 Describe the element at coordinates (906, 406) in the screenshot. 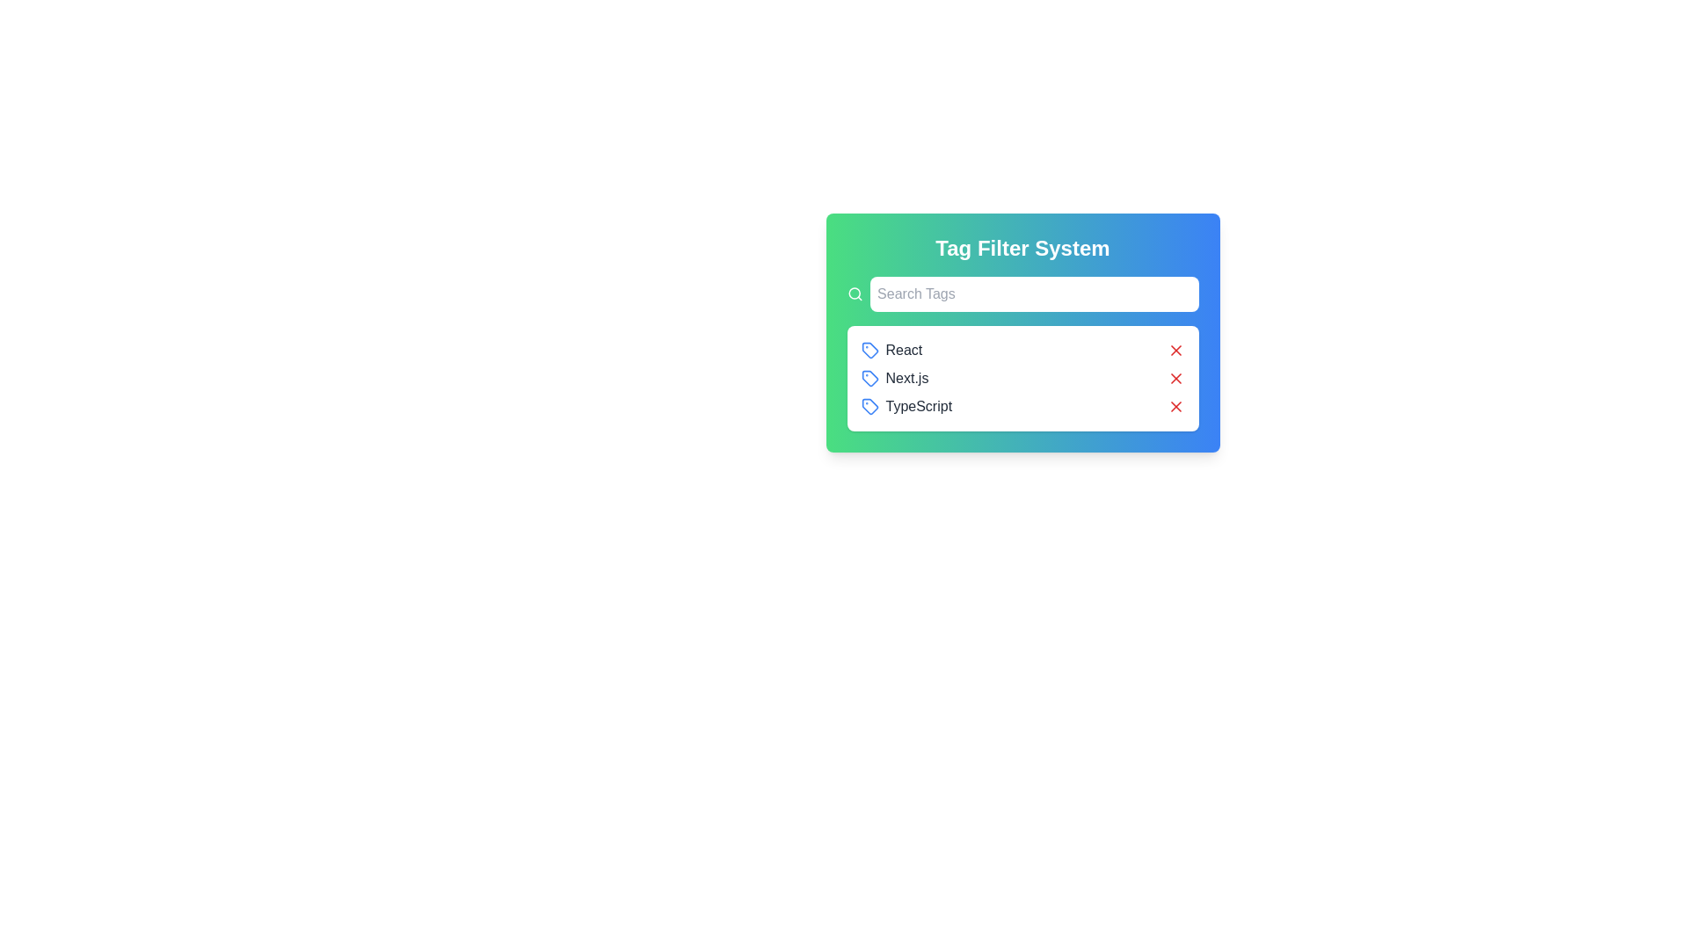

I see `the blue tag icon next to the 'TypeScript' text in the Tag display item, which is the third item in the Tag Filter System card` at that location.